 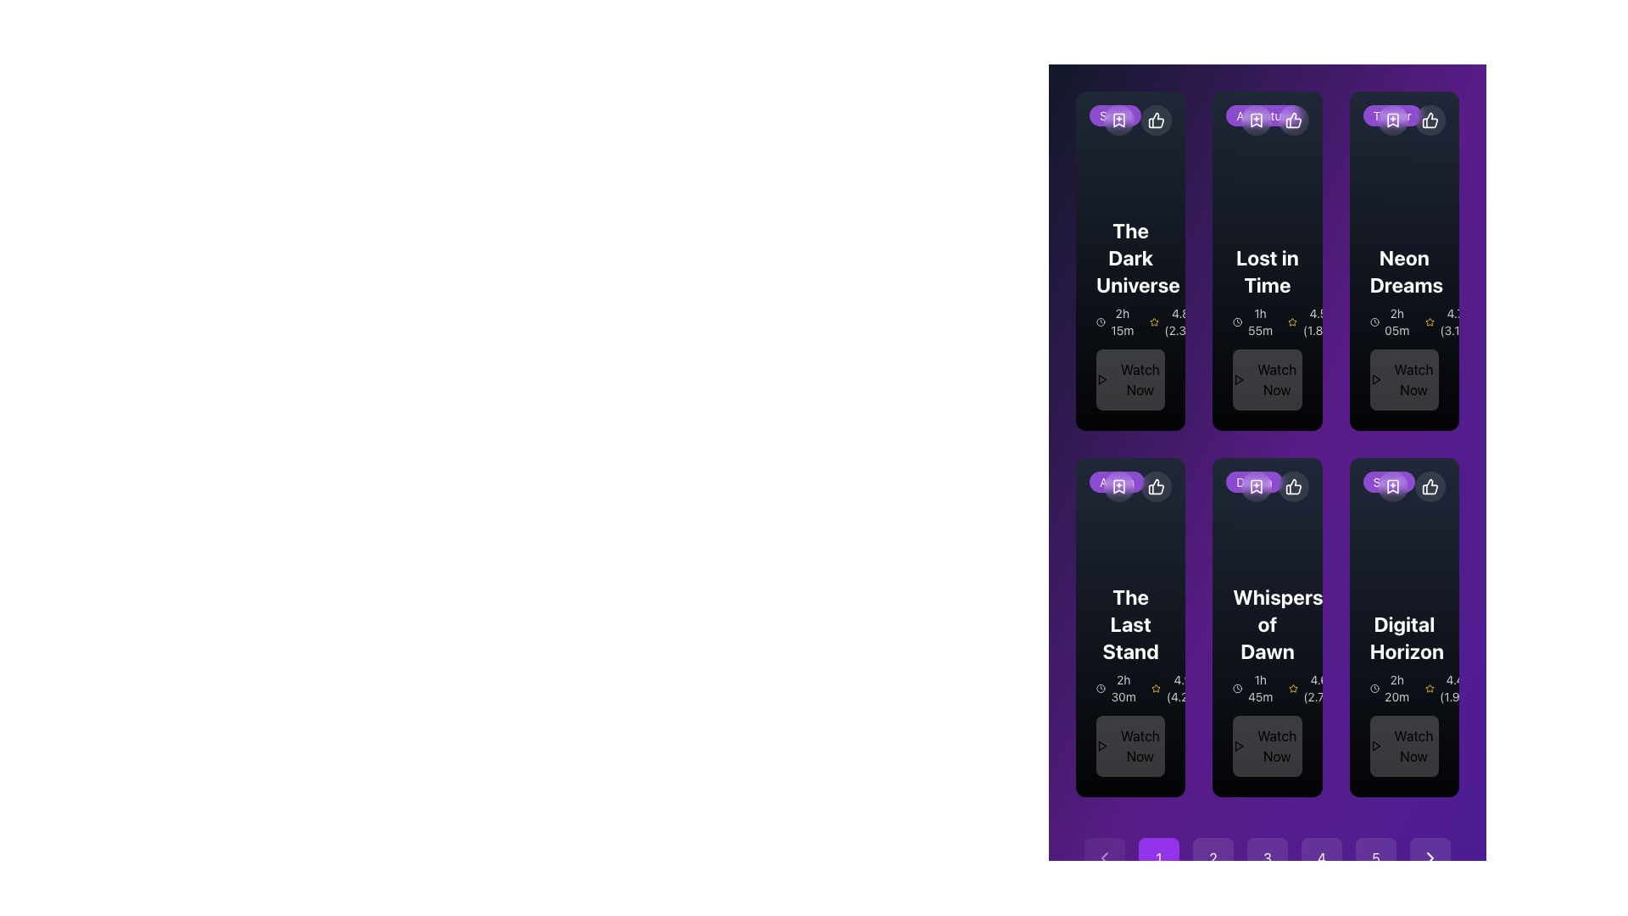 I want to click on rating displayed on the text label for the movie 'Whispers of Dawn', which is located in the fourth column of the grid layout and is adjacent to a decorative star icon, so click(x=1312, y=689).